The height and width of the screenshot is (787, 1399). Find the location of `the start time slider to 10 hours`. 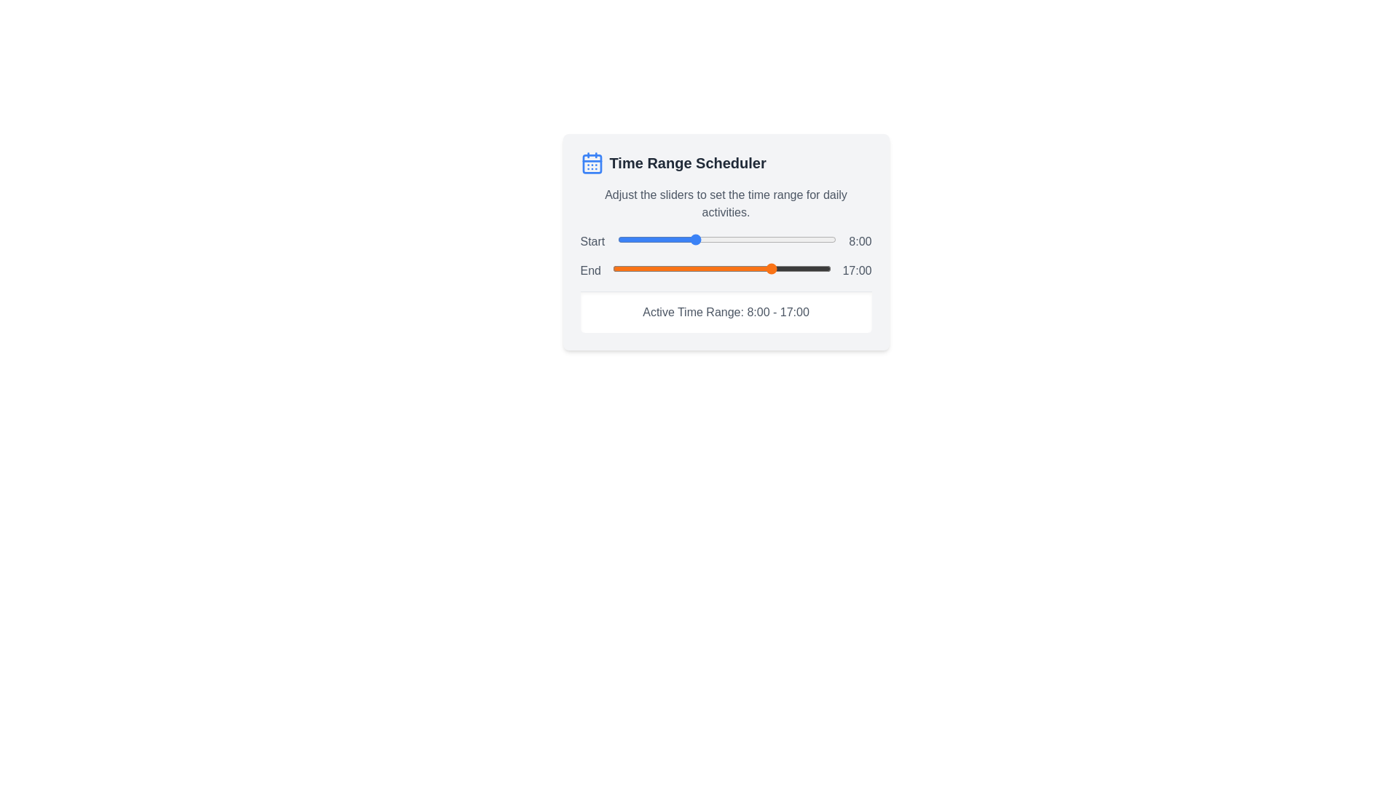

the start time slider to 10 hours is located at coordinates (713, 238).